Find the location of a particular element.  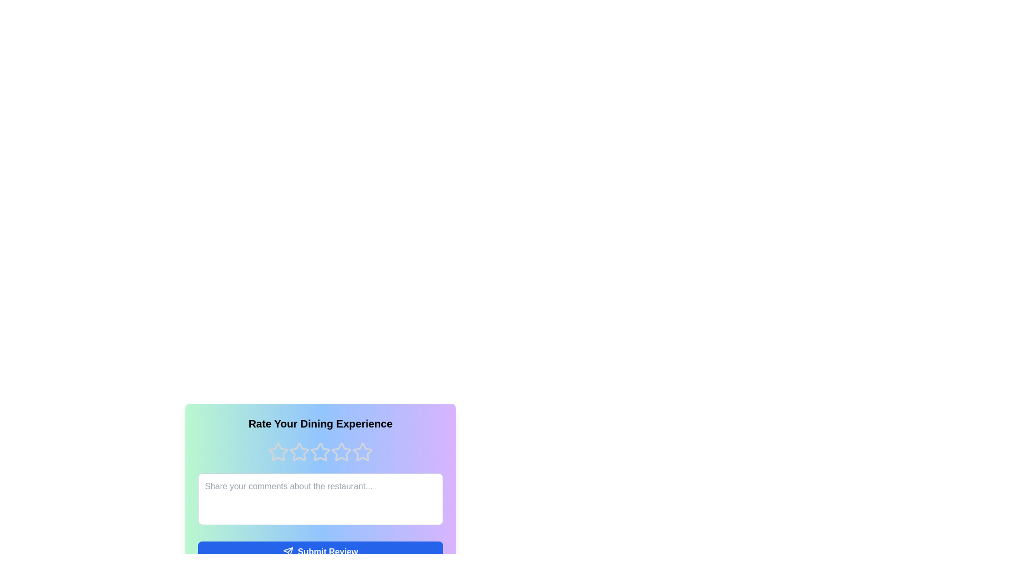

the second rating star is located at coordinates (298, 451).